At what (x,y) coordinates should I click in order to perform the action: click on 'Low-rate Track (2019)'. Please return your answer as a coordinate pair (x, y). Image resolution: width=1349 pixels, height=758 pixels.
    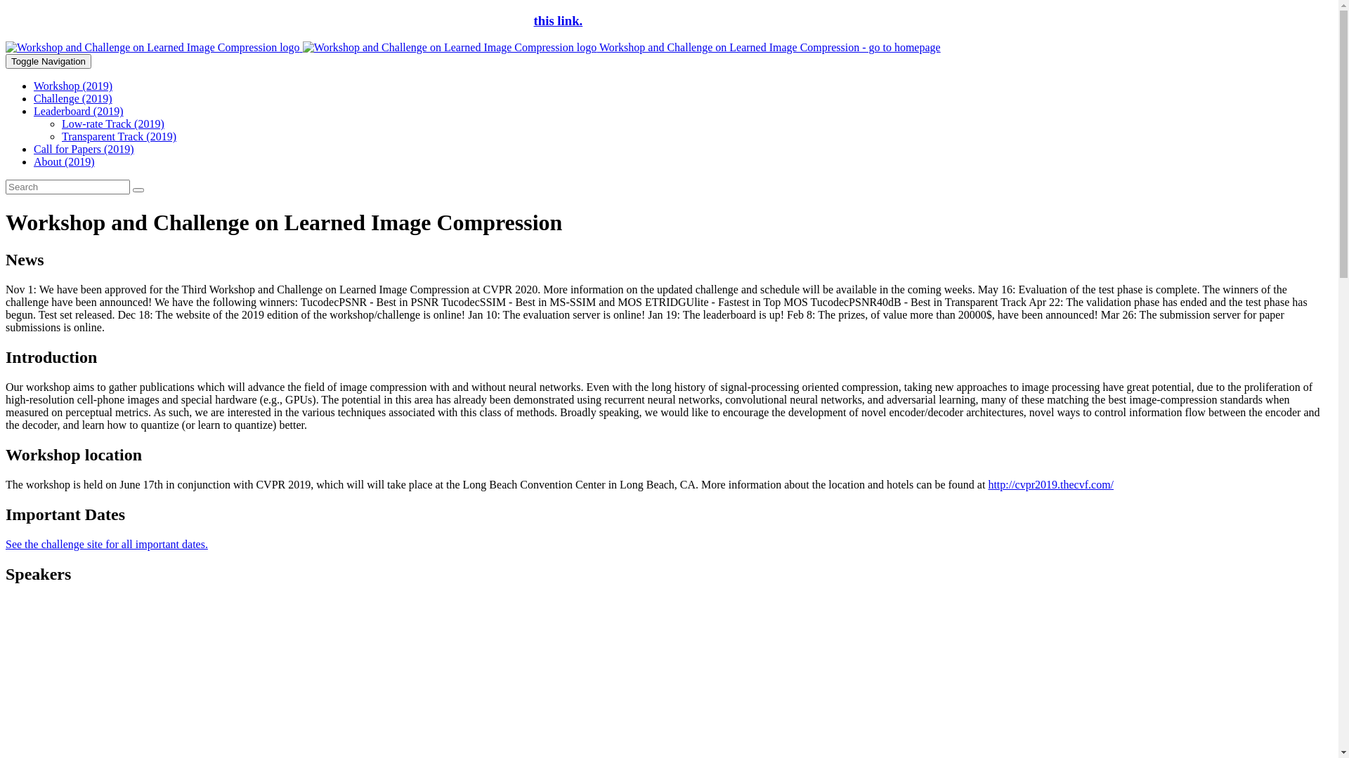
    Looking at the image, I should click on (113, 123).